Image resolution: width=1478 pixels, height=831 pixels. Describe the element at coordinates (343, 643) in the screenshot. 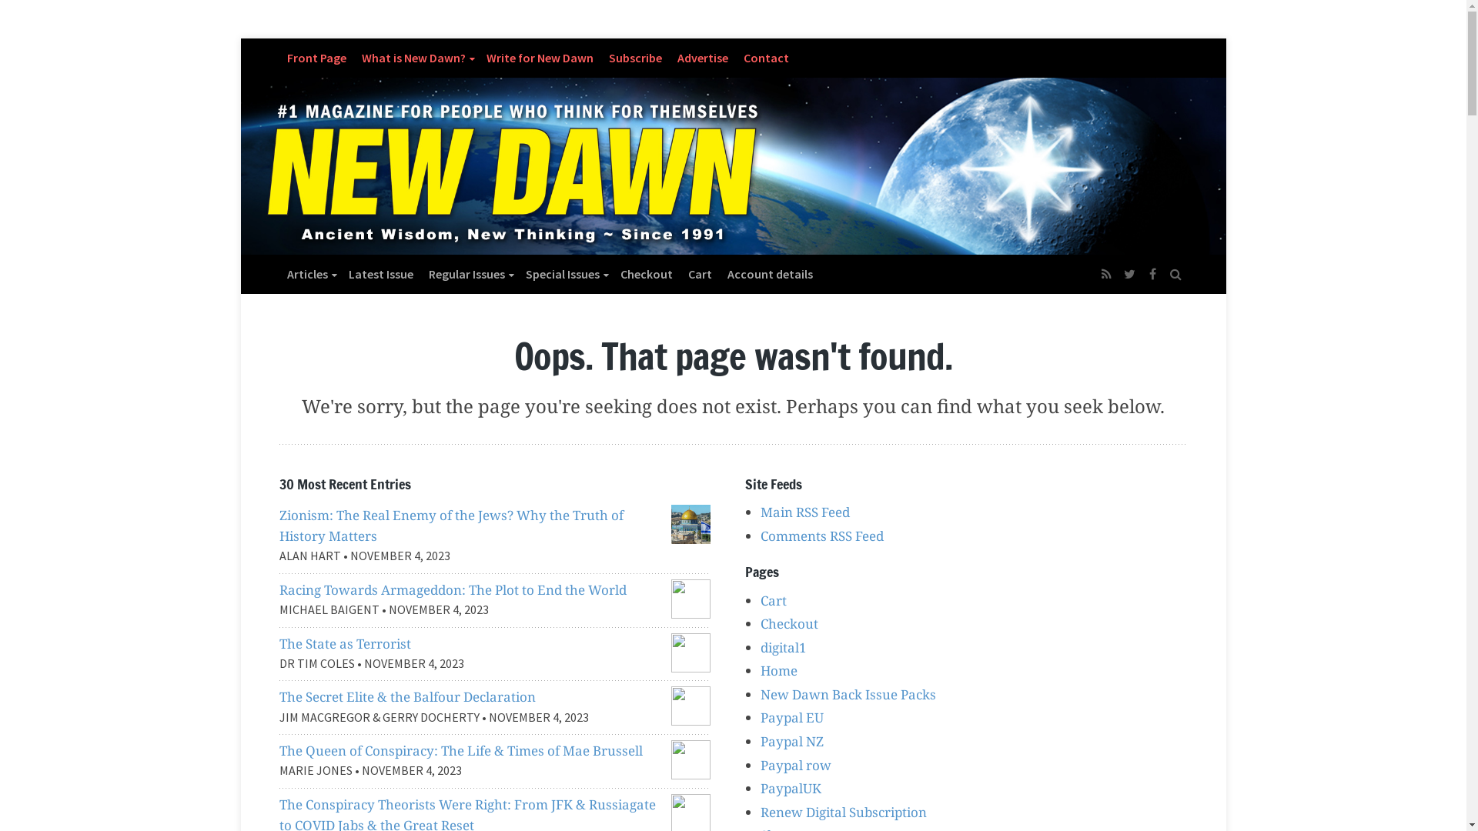

I see `'The State as Terrorist'` at that location.